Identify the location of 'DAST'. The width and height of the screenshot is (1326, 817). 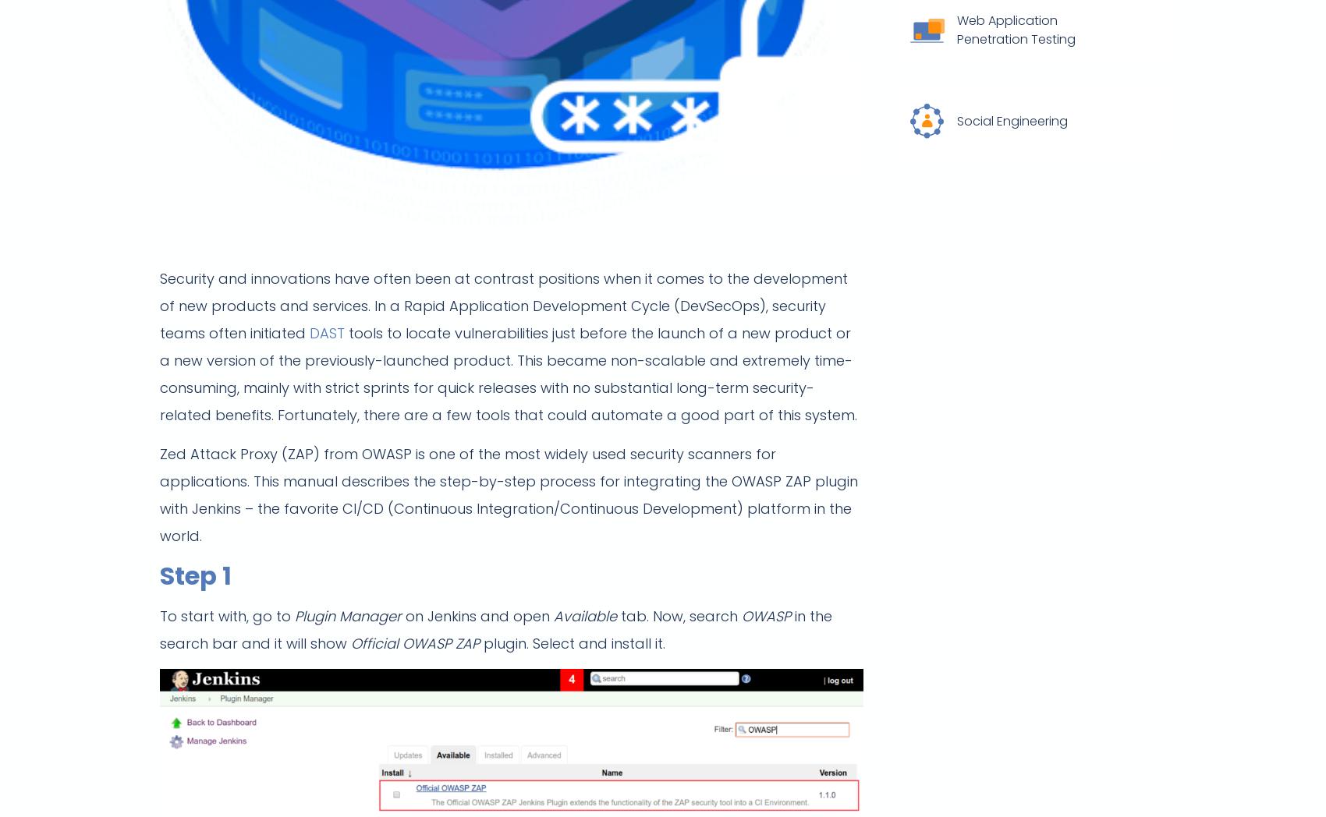
(326, 332).